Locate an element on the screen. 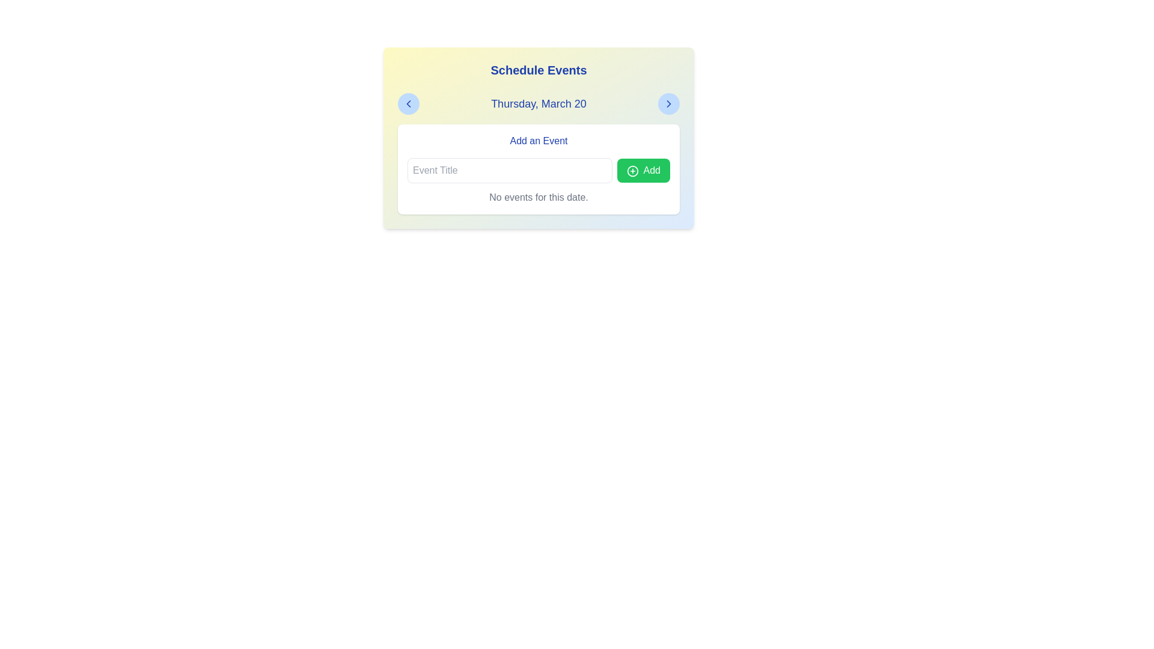 This screenshot has height=649, width=1154. the circular icon with a plus symbol (+) located within the green 'Add' button is located at coordinates (632, 171).